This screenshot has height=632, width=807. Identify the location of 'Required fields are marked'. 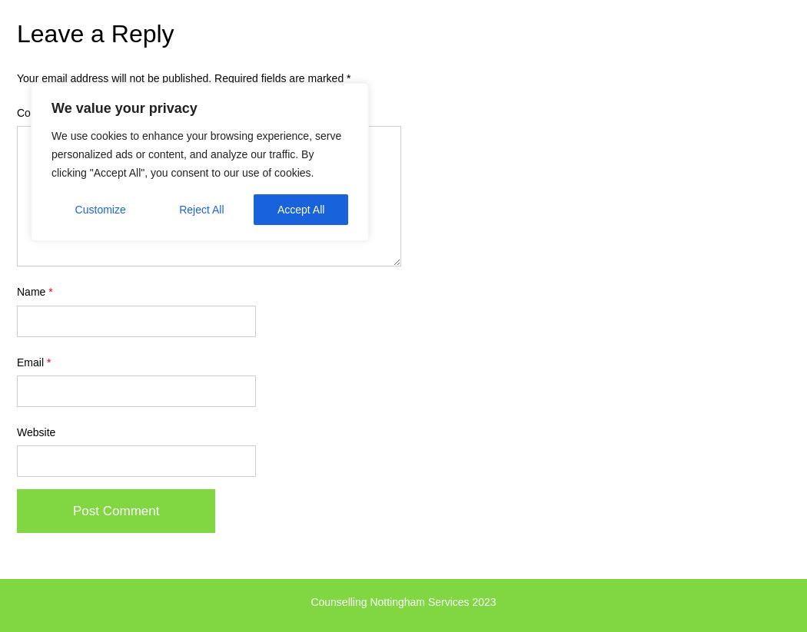
(279, 76).